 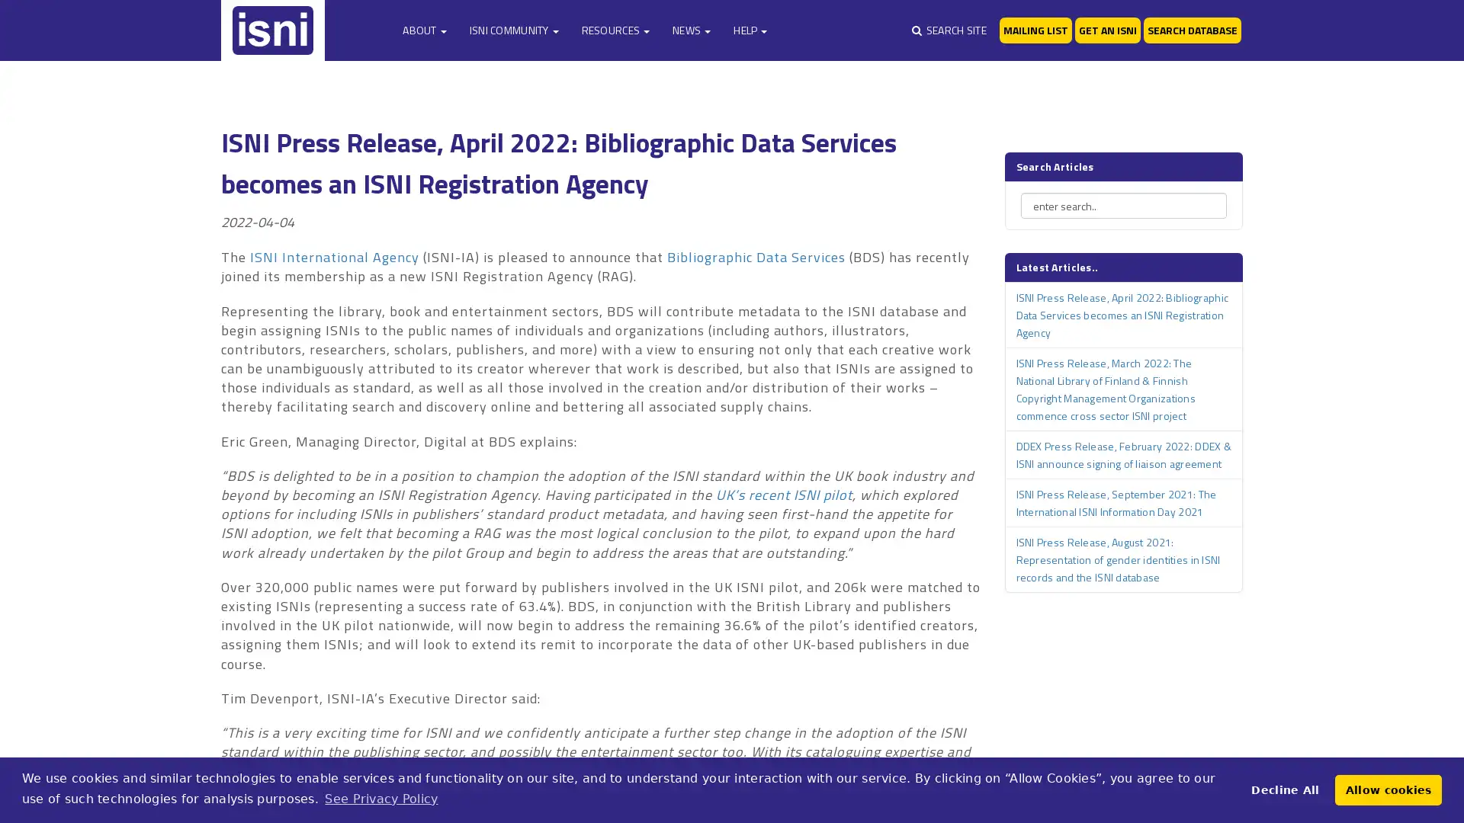 I want to click on deny cookies, so click(x=1284, y=789).